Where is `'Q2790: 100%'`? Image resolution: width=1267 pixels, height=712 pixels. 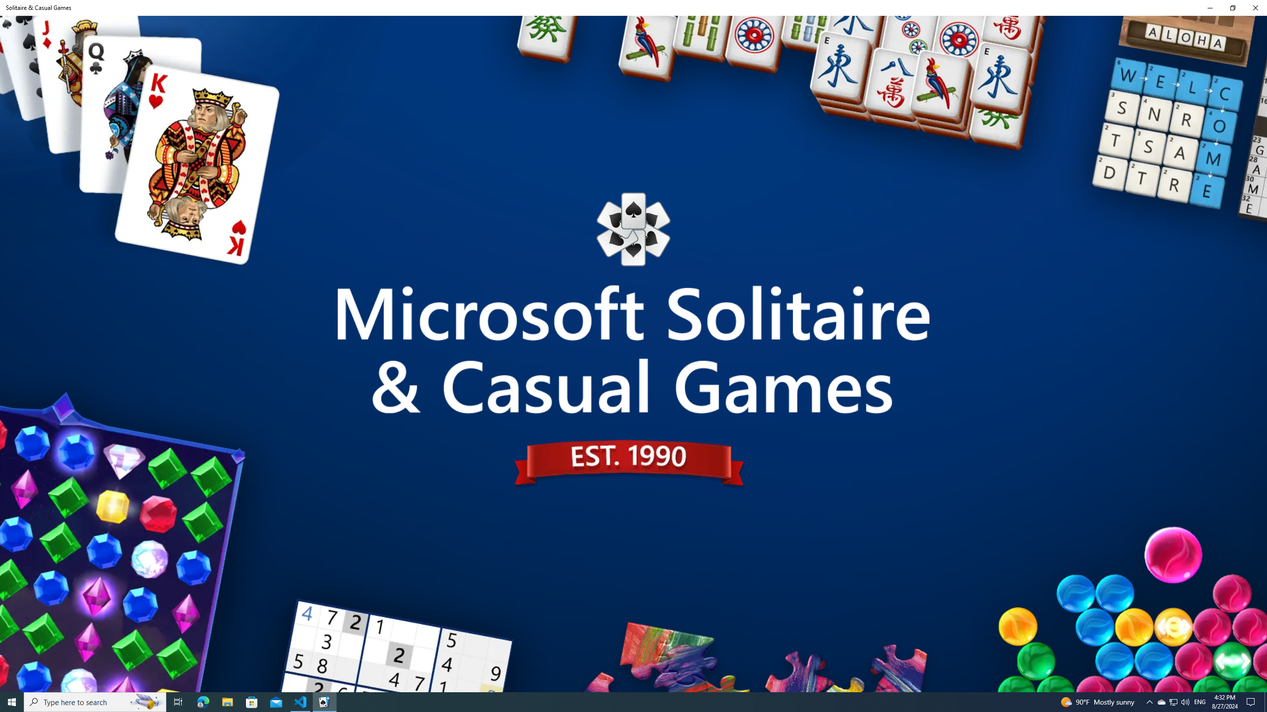 'Q2790: 100%' is located at coordinates (1184, 701).